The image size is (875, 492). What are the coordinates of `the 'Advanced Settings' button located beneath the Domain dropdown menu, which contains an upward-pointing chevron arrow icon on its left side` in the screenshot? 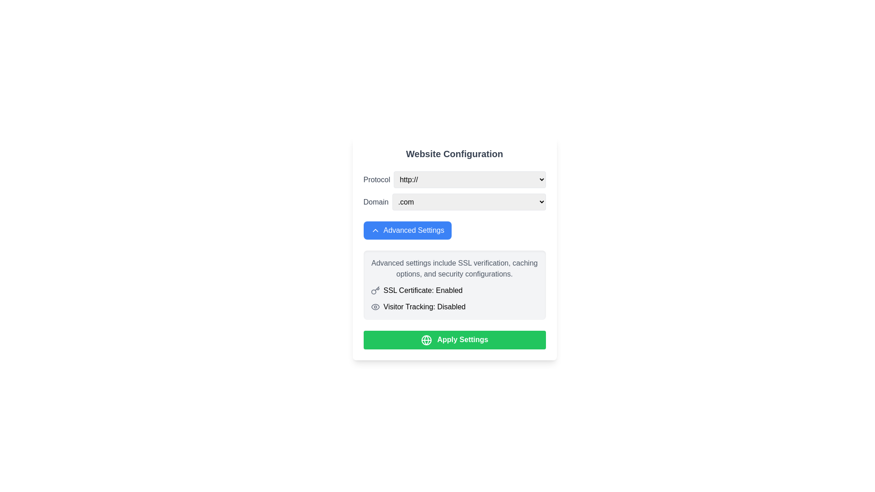 It's located at (375, 230).